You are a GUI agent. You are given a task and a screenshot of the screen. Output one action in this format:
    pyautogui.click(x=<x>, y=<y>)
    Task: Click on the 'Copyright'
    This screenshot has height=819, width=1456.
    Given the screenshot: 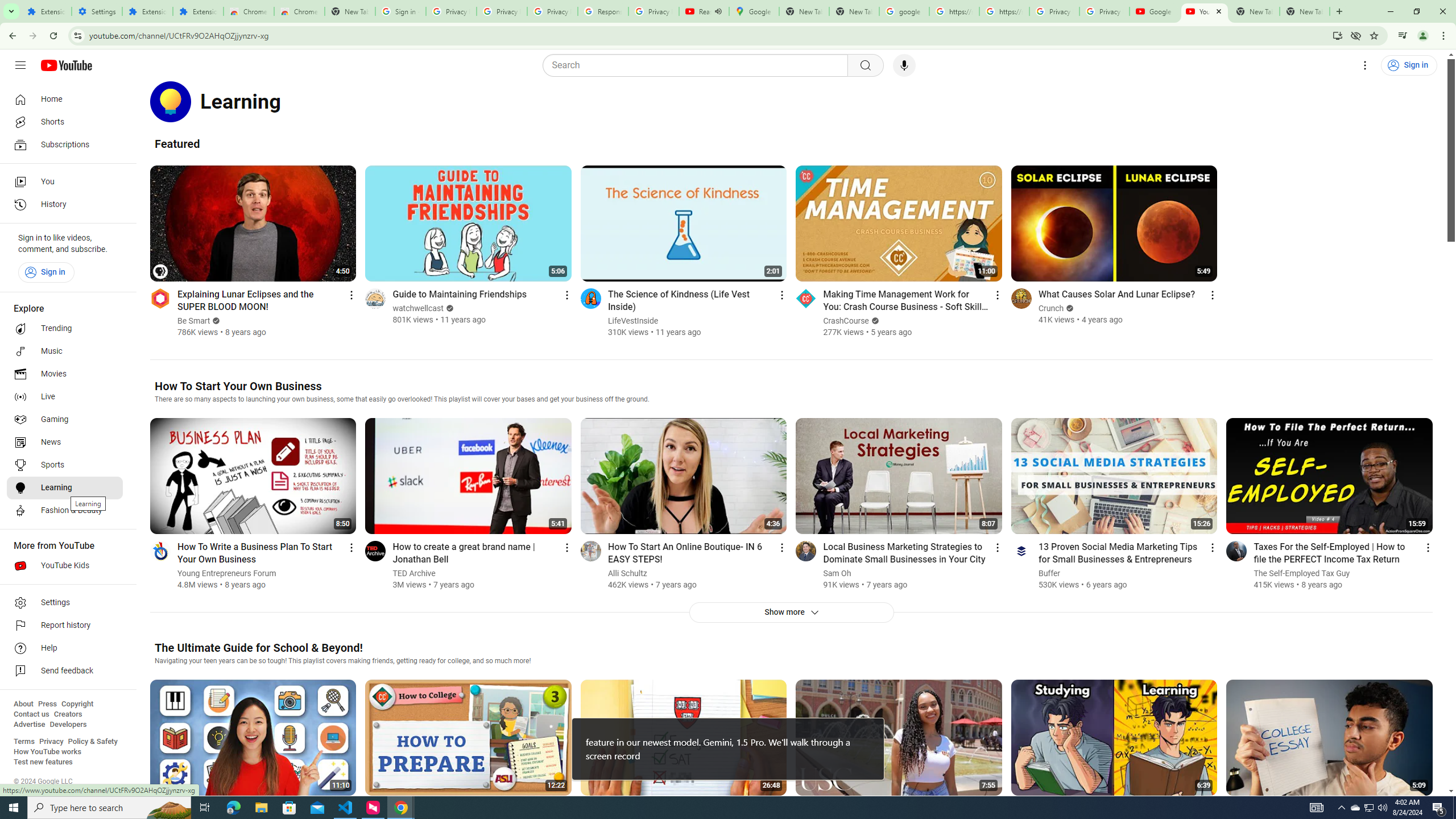 What is the action you would take?
    pyautogui.click(x=76, y=704)
    